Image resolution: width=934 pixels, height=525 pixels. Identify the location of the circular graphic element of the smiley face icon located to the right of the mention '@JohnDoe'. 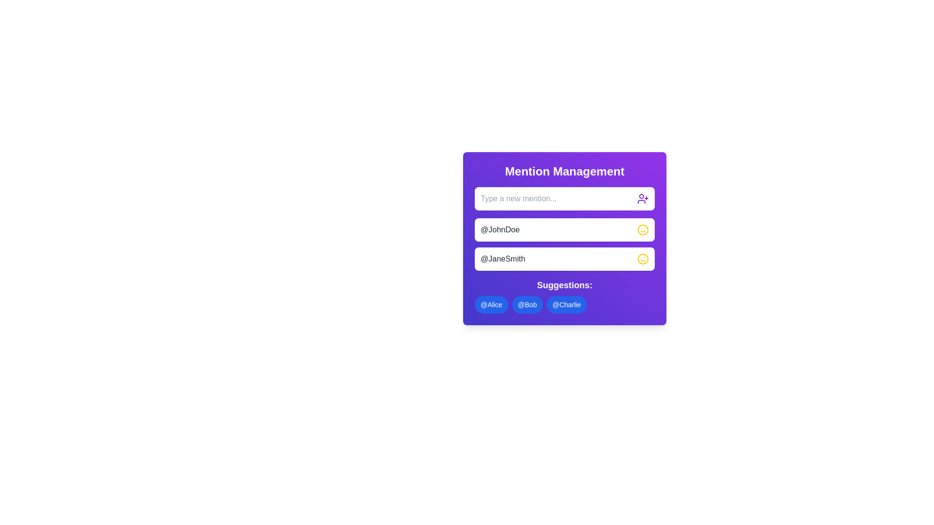
(643, 258).